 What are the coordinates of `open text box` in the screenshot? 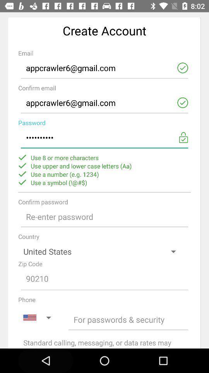 It's located at (104, 216).